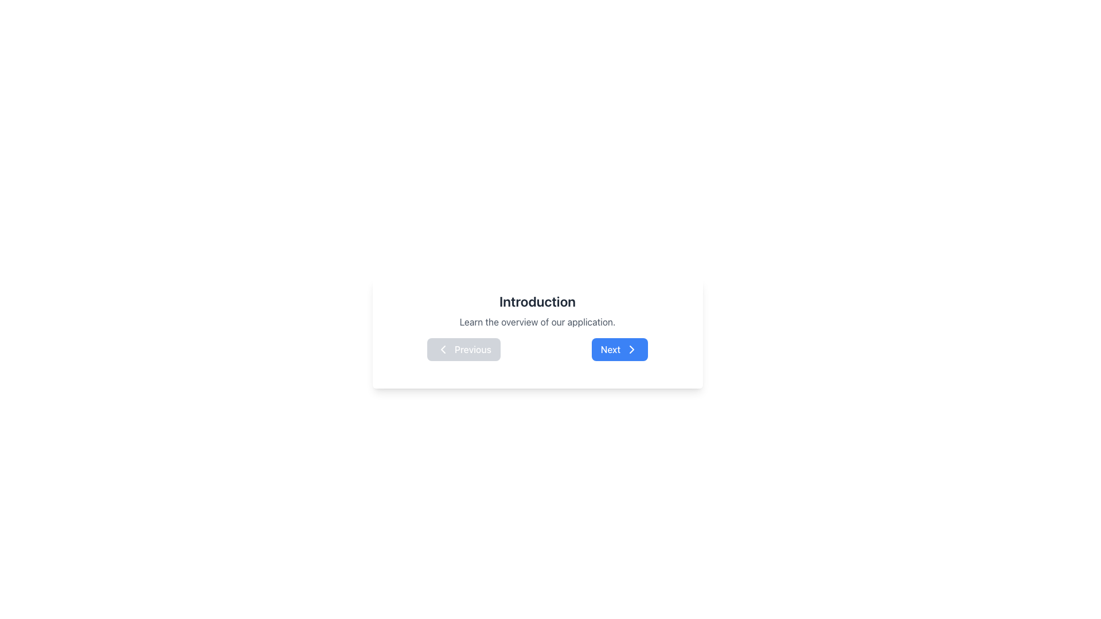  What do you see at coordinates (619, 348) in the screenshot?
I see `the second button from the left` at bounding box center [619, 348].